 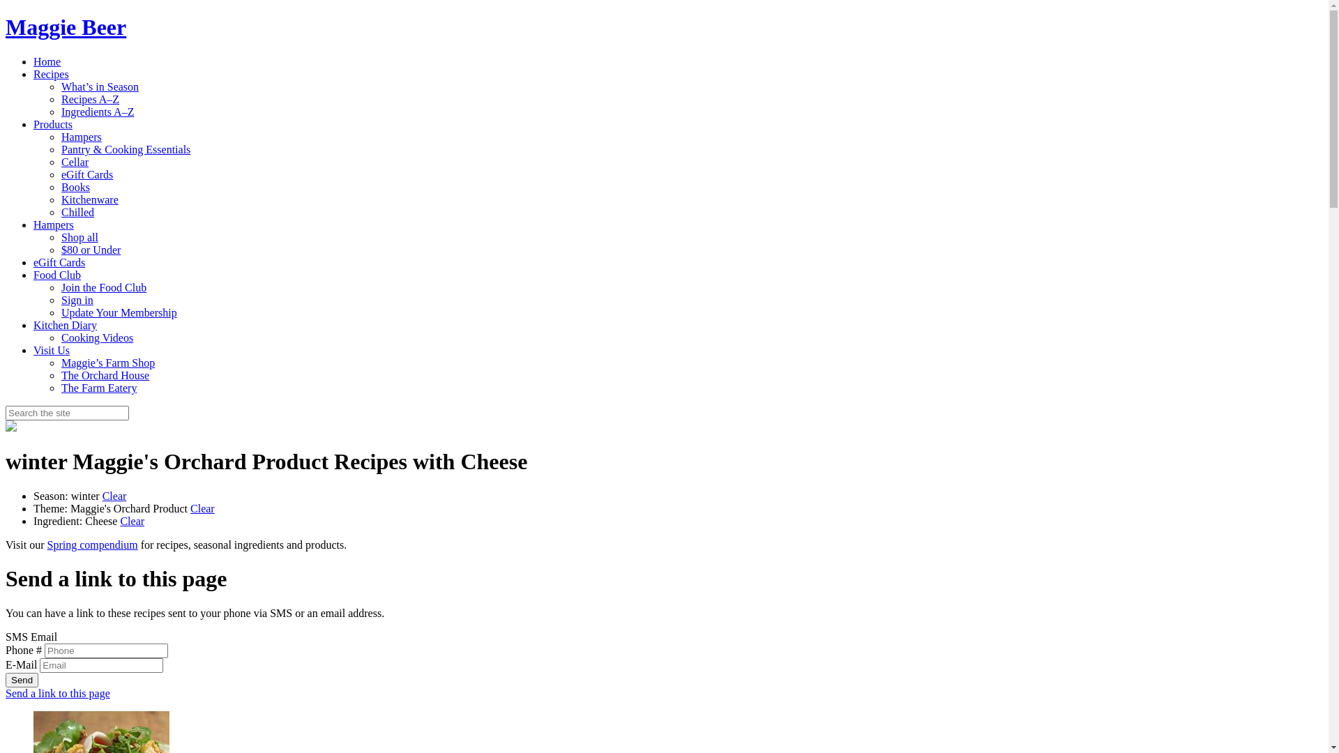 What do you see at coordinates (89, 199) in the screenshot?
I see `'Kitchenware'` at bounding box center [89, 199].